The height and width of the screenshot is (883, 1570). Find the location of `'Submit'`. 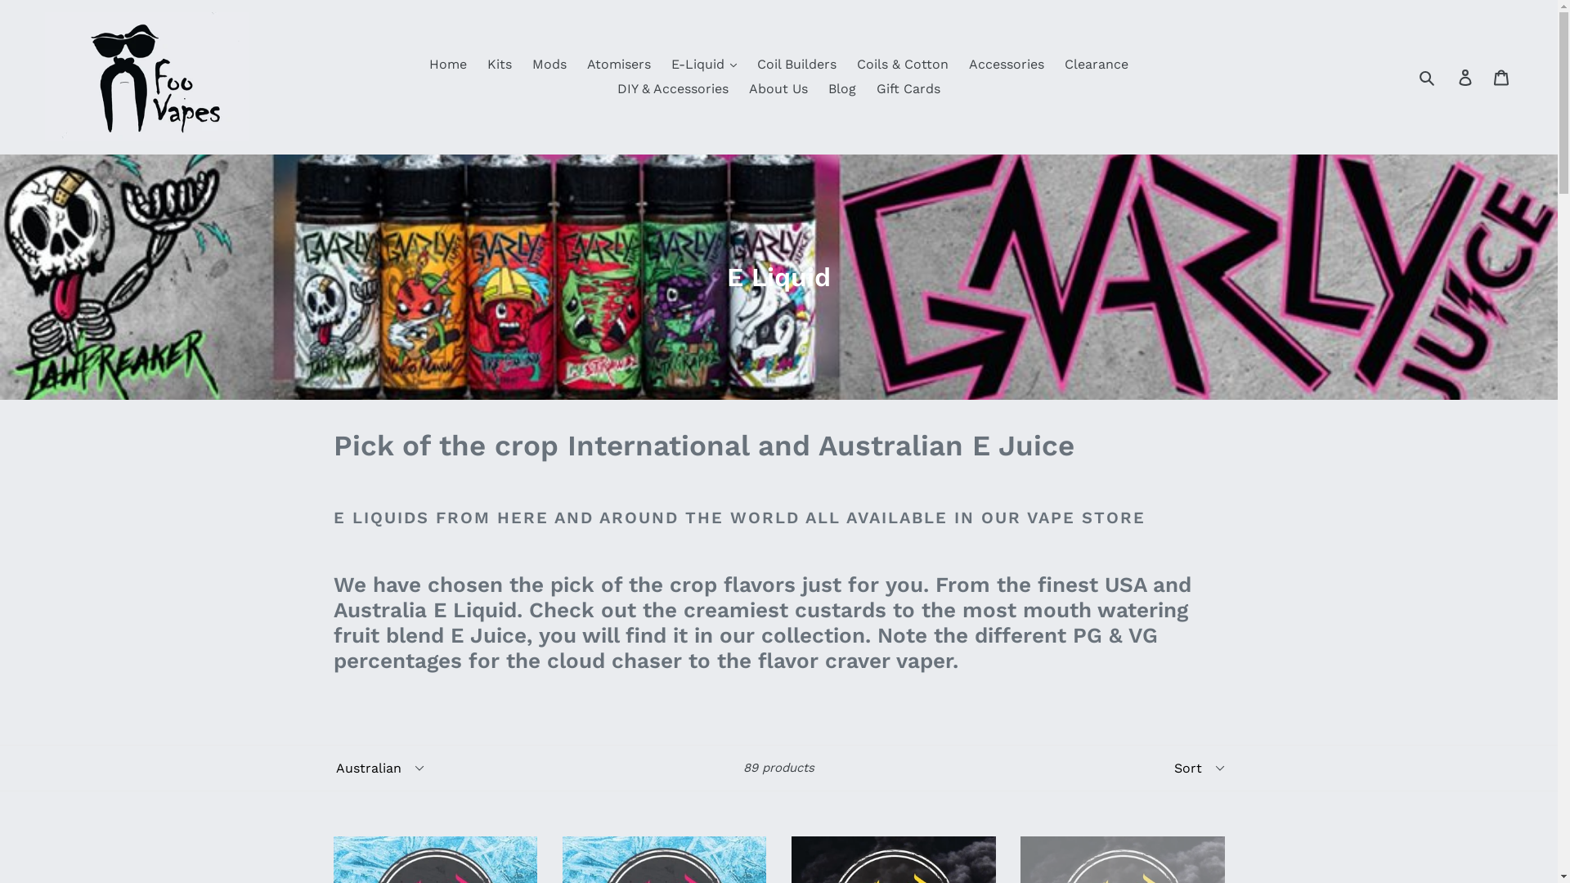

'Submit' is located at coordinates (1427, 76).